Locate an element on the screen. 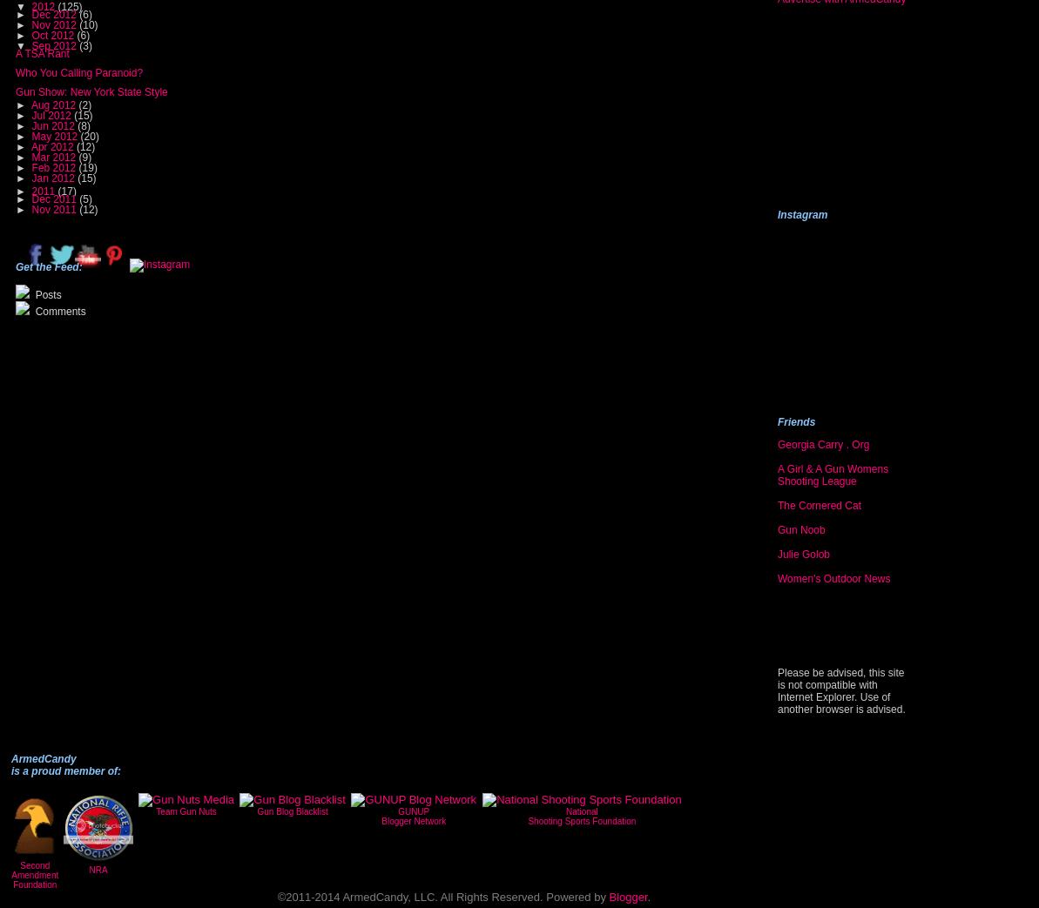 The width and height of the screenshot is (1039, 908). 'Jun 2012' is located at coordinates (53, 125).